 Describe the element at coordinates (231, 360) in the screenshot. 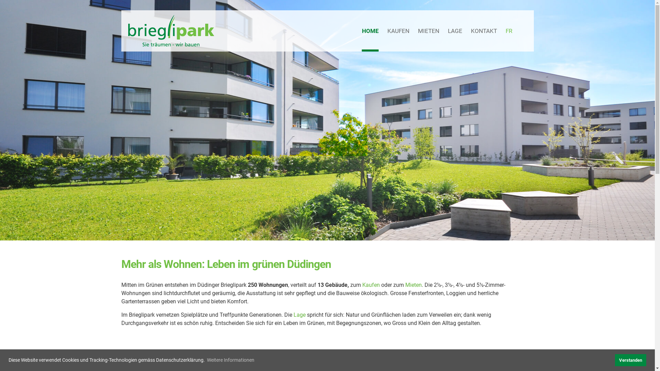

I see `'Weitere Informationen'` at that location.